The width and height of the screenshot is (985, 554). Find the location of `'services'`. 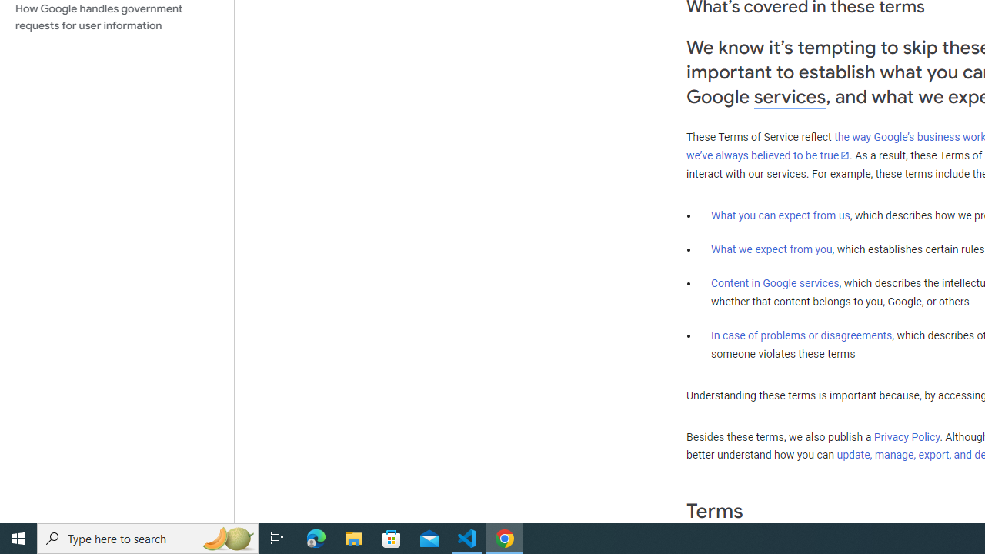

'services' is located at coordinates (790, 96).